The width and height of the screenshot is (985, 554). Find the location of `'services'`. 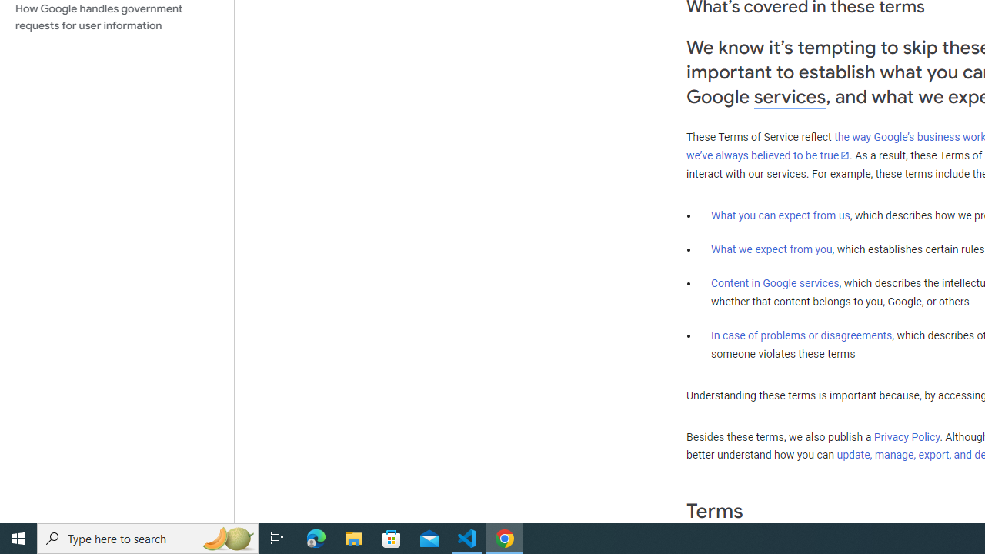

'services' is located at coordinates (790, 96).